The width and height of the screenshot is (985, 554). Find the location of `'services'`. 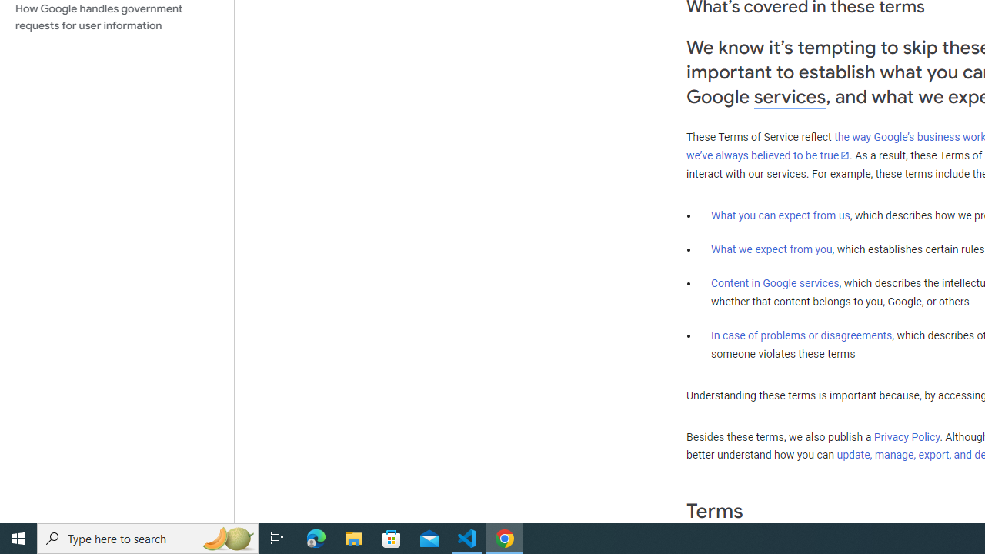

'services' is located at coordinates (790, 96).